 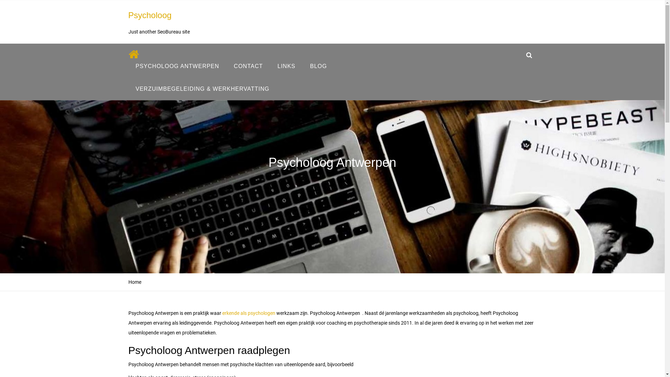 What do you see at coordinates (177, 66) in the screenshot?
I see `'PSYCHOLOOG ANTWERPEN'` at bounding box center [177, 66].